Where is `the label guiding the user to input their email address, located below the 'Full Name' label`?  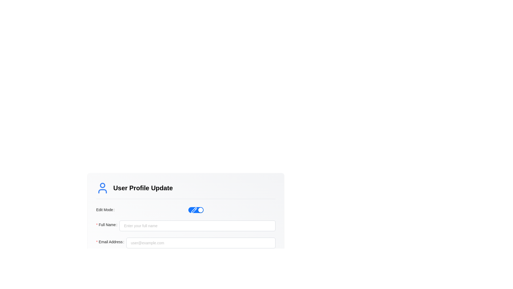 the label guiding the user to input their email address, located below the 'Full Name' label is located at coordinates (111, 243).